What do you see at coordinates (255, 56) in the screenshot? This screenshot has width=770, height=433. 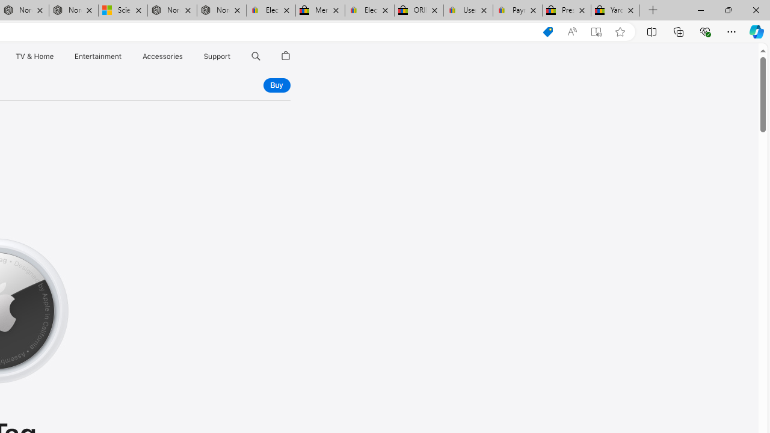 I see `'Class: globalnav-item globalnav-search shift-0-1'` at bounding box center [255, 56].